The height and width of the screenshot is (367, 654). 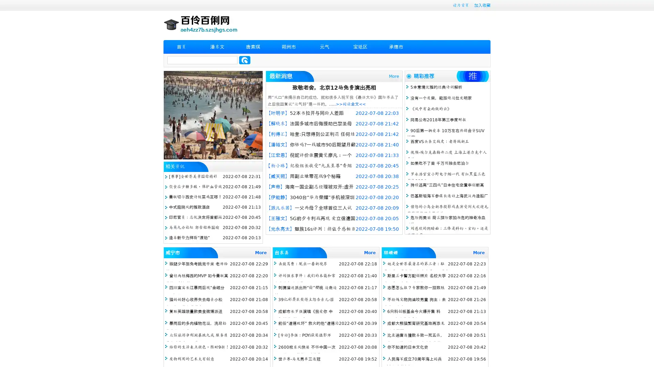 I want to click on Search, so click(x=245, y=60).